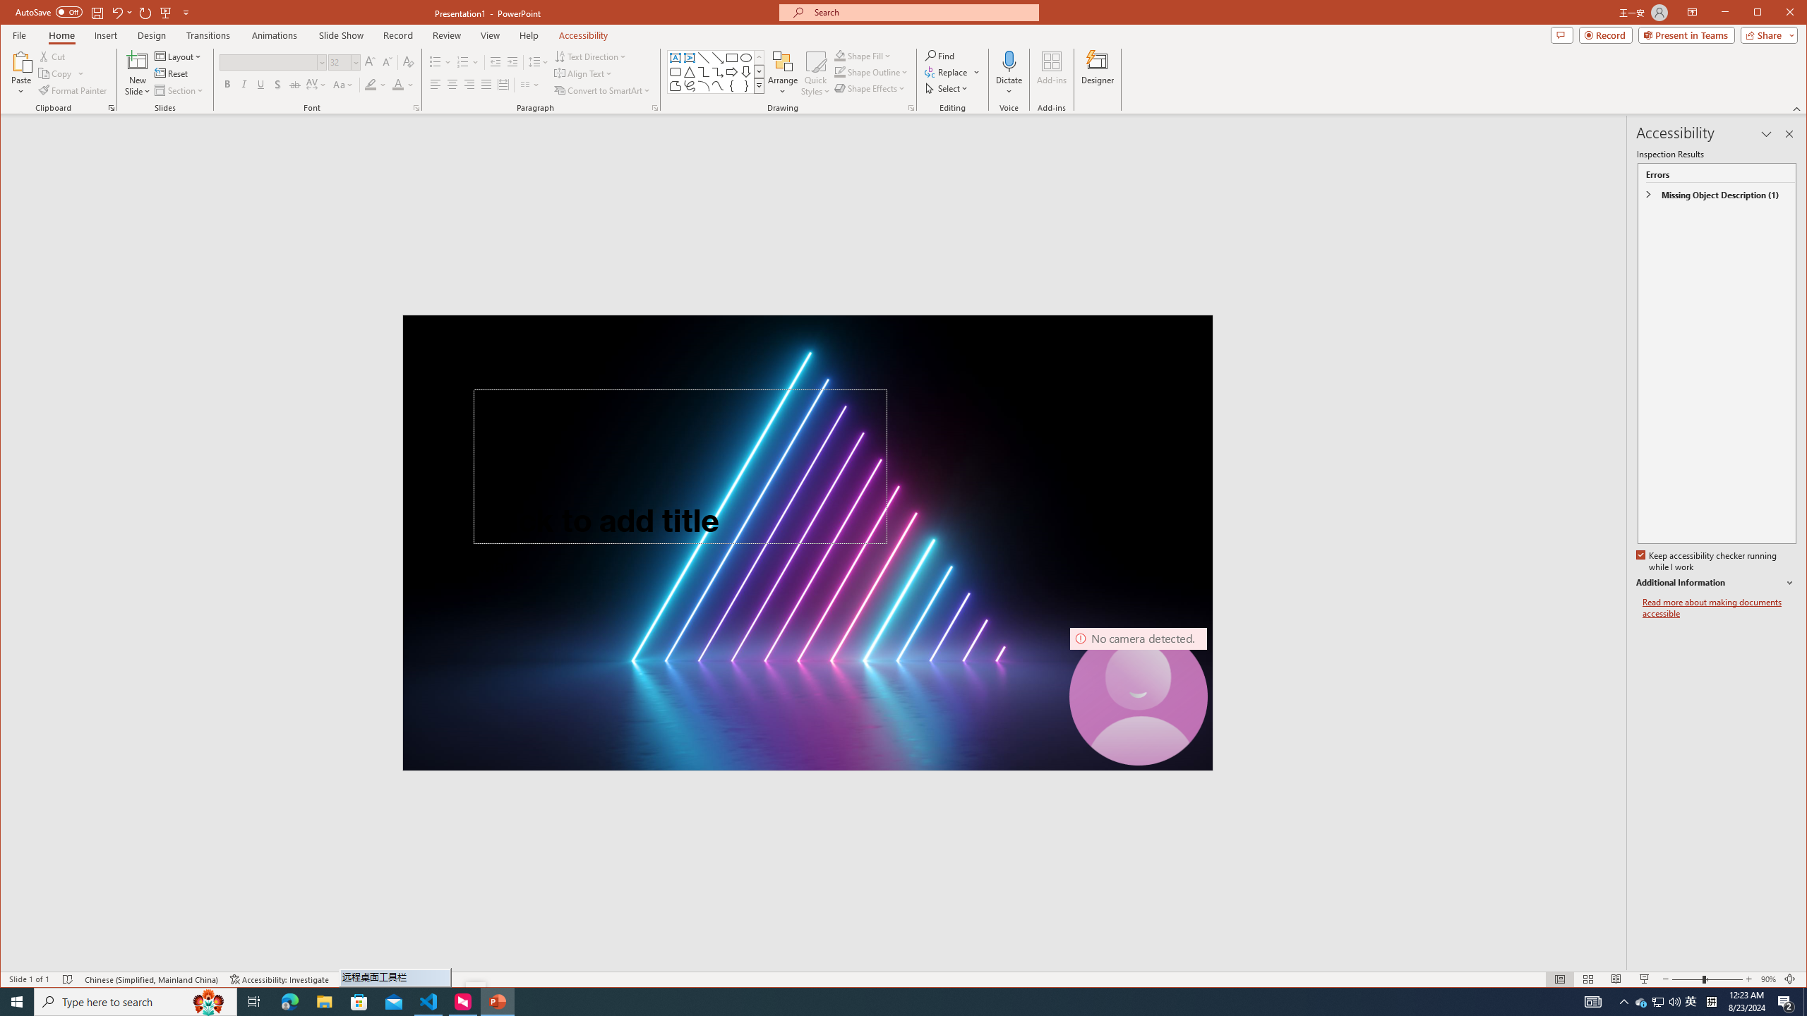 The height and width of the screenshot is (1016, 1807). Describe the element at coordinates (872, 88) in the screenshot. I see `'Shape Effects'` at that location.